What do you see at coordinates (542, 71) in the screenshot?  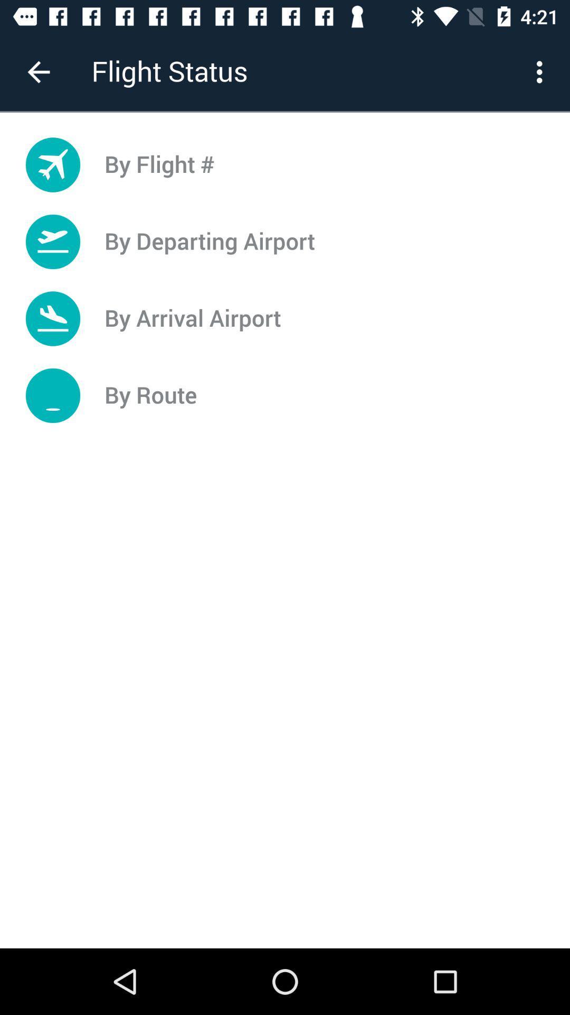 I see `item to the right of the flight status item` at bounding box center [542, 71].